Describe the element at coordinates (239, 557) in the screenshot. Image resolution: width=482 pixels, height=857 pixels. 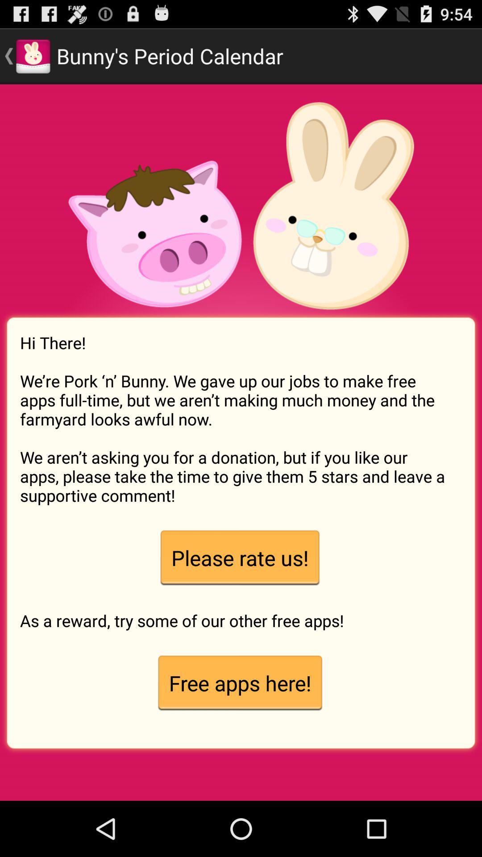
I see `app above as a reward` at that location.